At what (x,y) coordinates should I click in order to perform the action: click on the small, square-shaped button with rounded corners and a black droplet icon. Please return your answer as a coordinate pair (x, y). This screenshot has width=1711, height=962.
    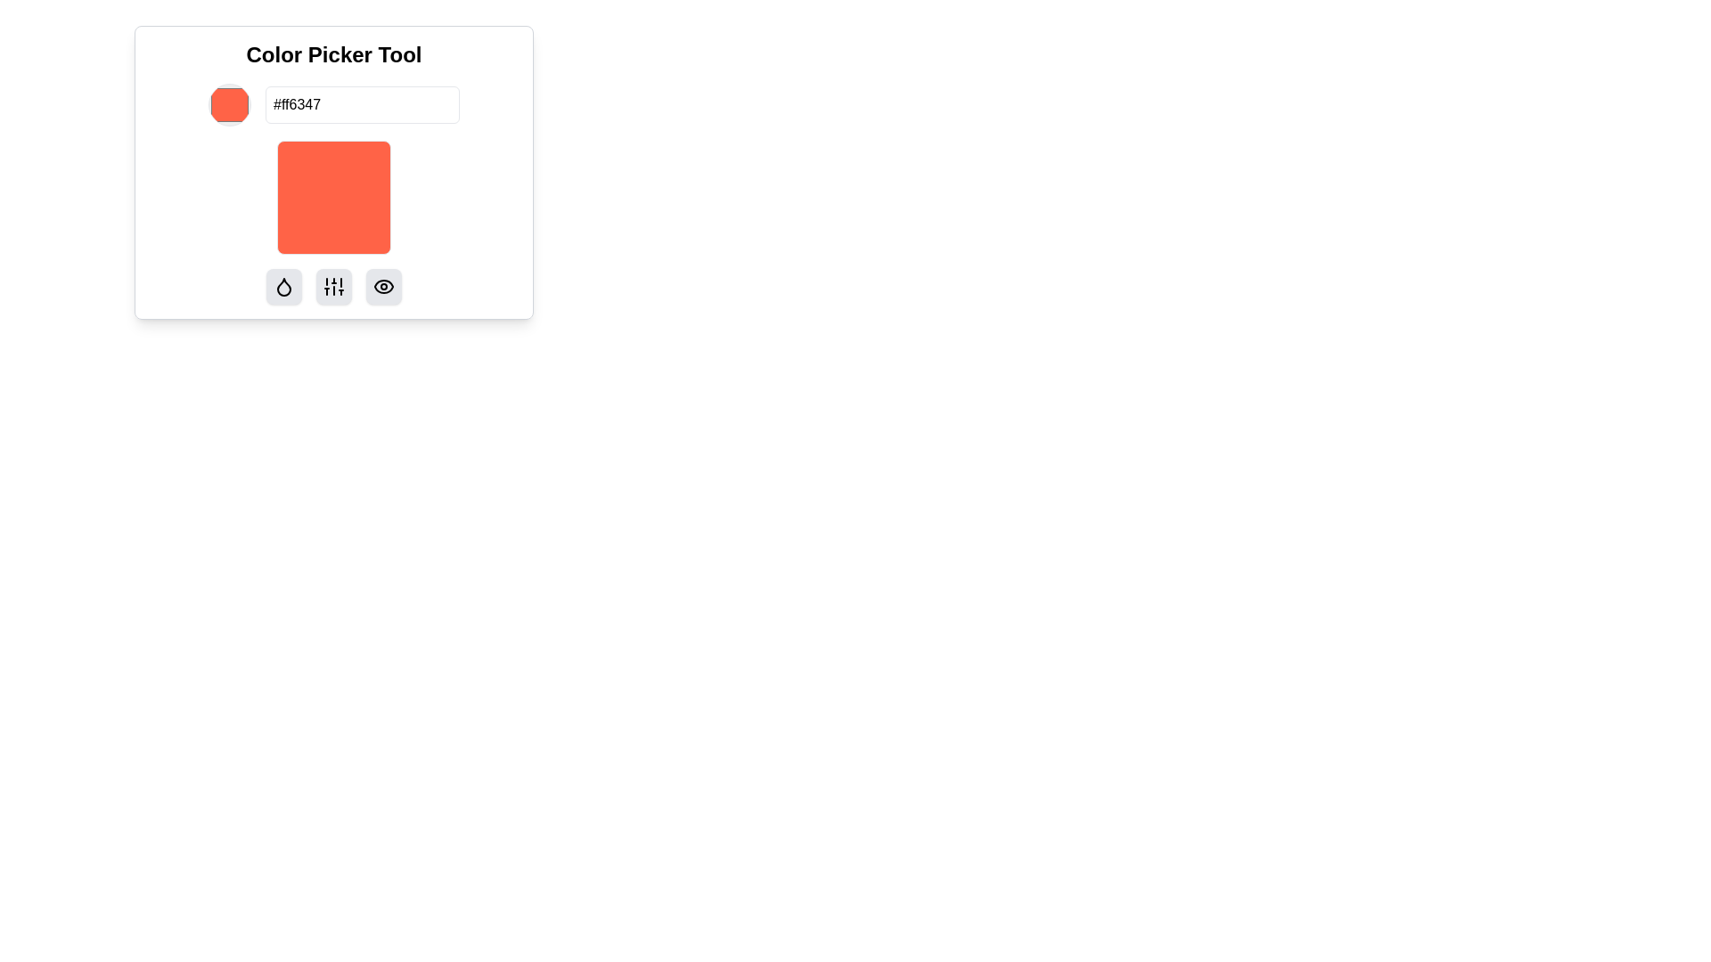
    Looking at the image, I should click on (282, 285).